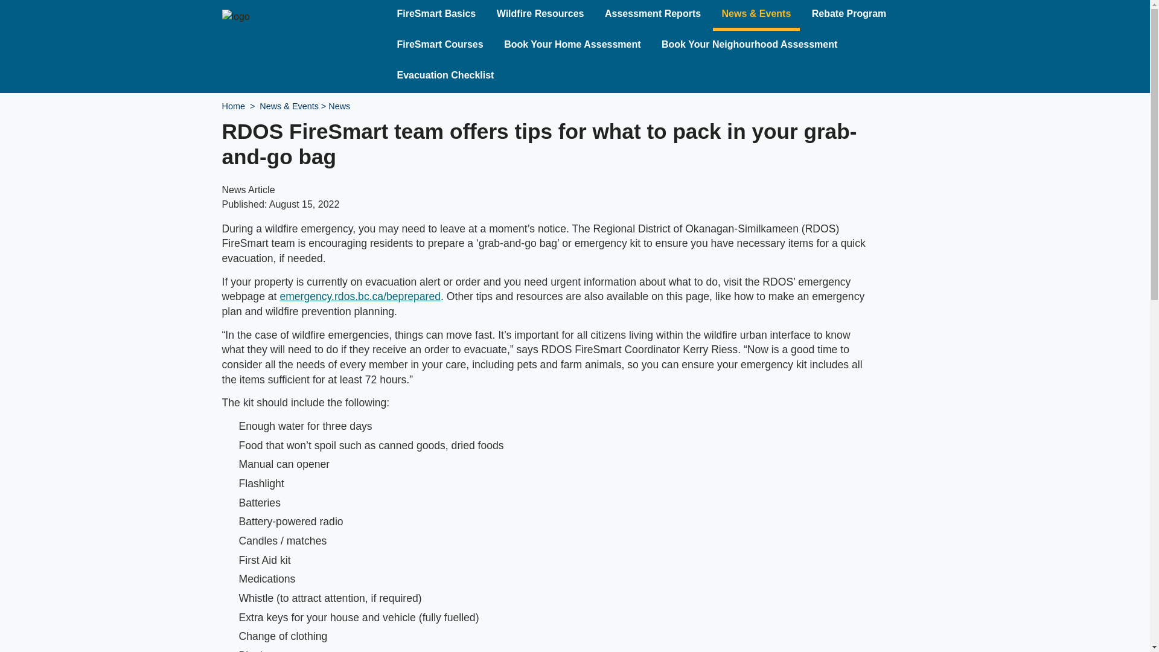 Image resolution: width=1159 pixels, height=652 pixels. What do you see at coordinates (435, 15) in the screenshot?
I see `'FireSmart Basics'` at bounding box center [435, 15].